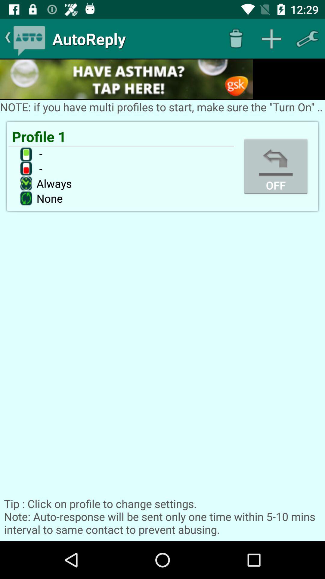 This screenshot has height=579, width=325. Describe the element at coordinates (271, 38) in the screenshot. I see `add options` at that location.